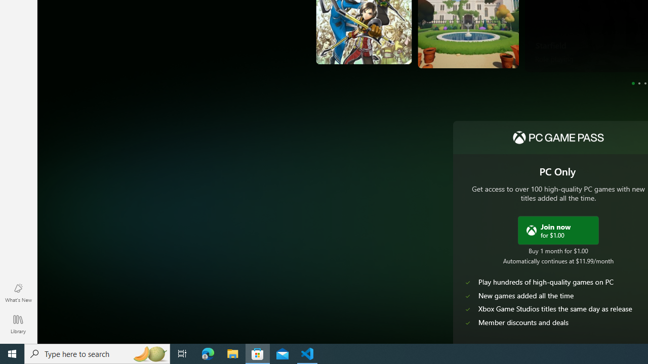  I want to click on 'Join PC Game Pass now for $1.00', so click(557, 230).